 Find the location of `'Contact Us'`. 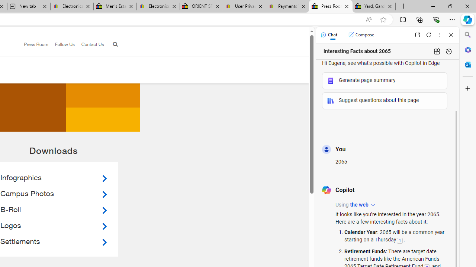

'Contact Us' is located at coordinates (92, 44).